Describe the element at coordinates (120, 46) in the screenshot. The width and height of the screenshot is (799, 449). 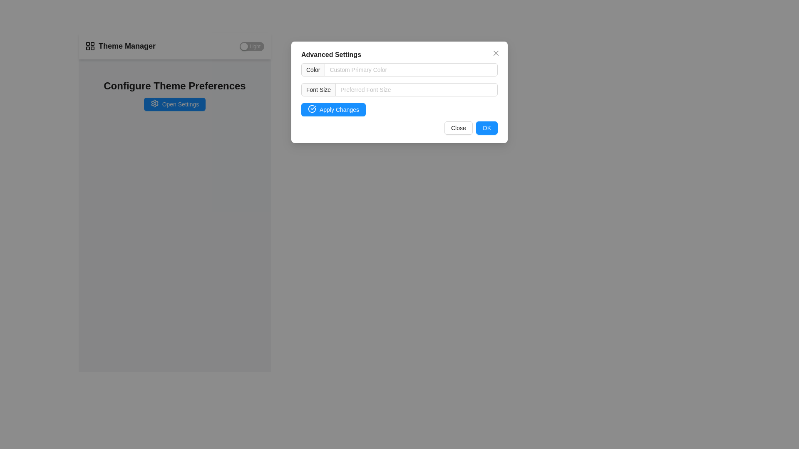
I see `the Header title with icon that identifies the 'Theme Manager' section, located in the top-left of the header bar` at that location.